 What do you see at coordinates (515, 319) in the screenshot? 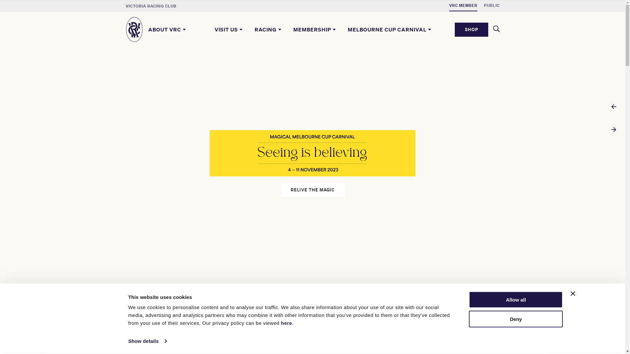
I see `'Deny'` at bounding box center [515, 319].